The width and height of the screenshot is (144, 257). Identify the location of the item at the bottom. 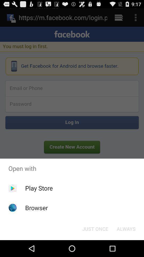
(95, 228).